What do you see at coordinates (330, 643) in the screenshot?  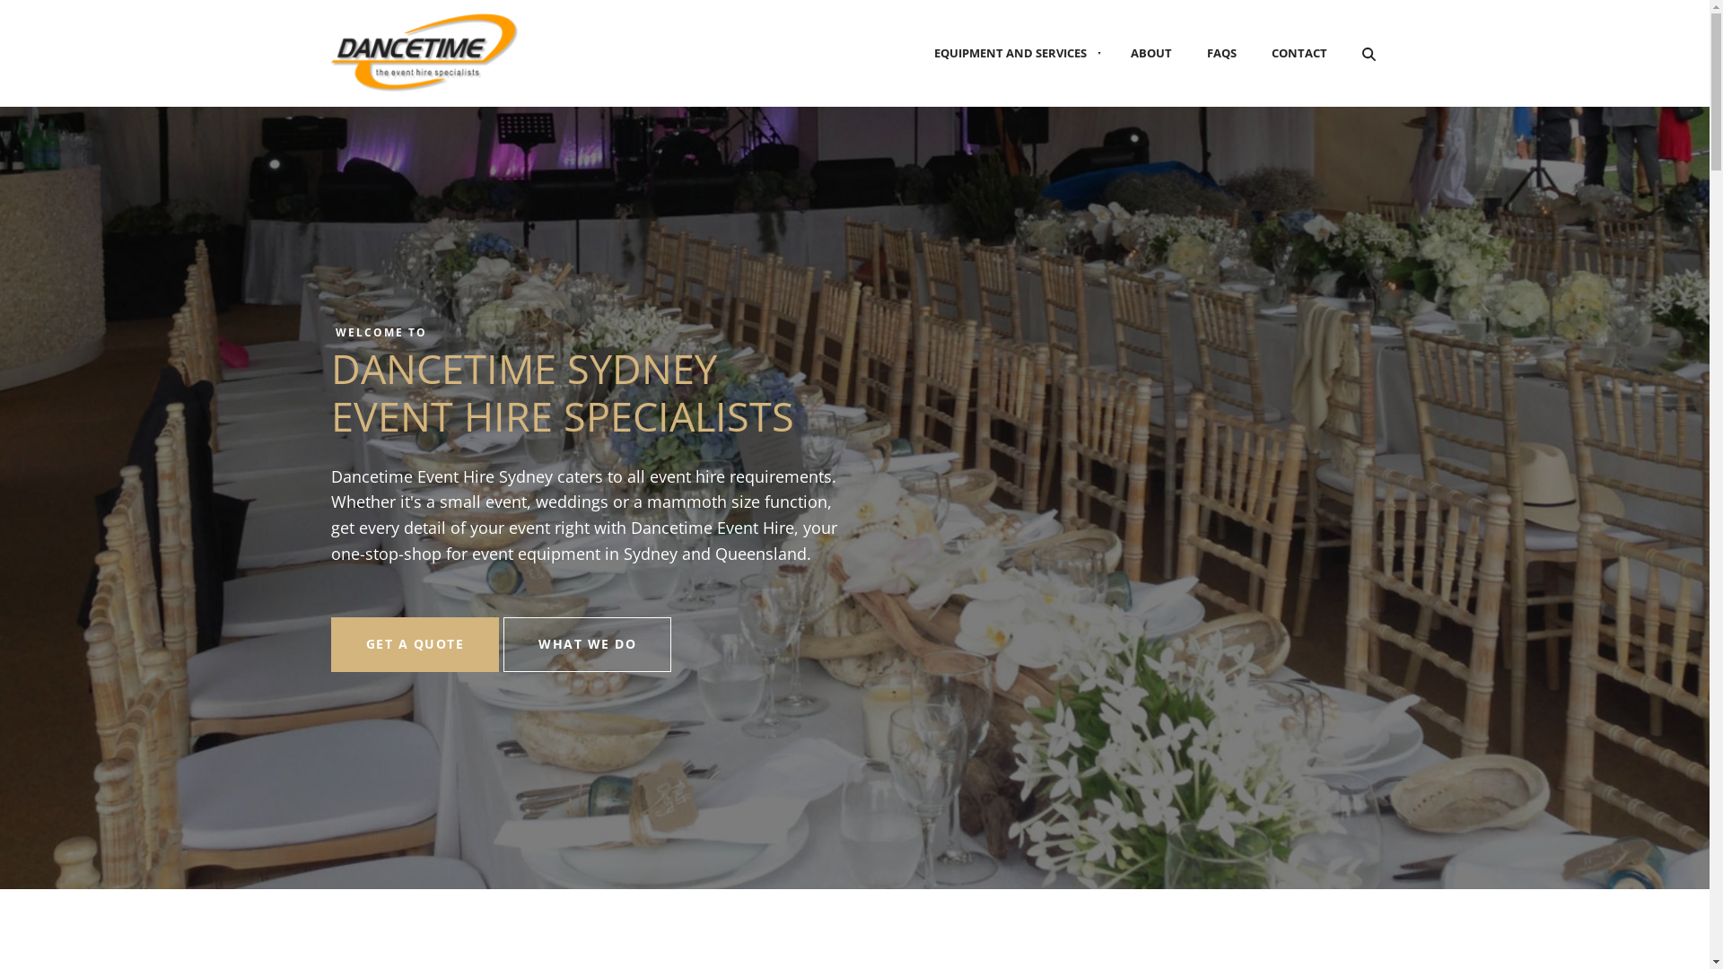 I see `'GET A QUOTE'` at bounding box center [330, 643].